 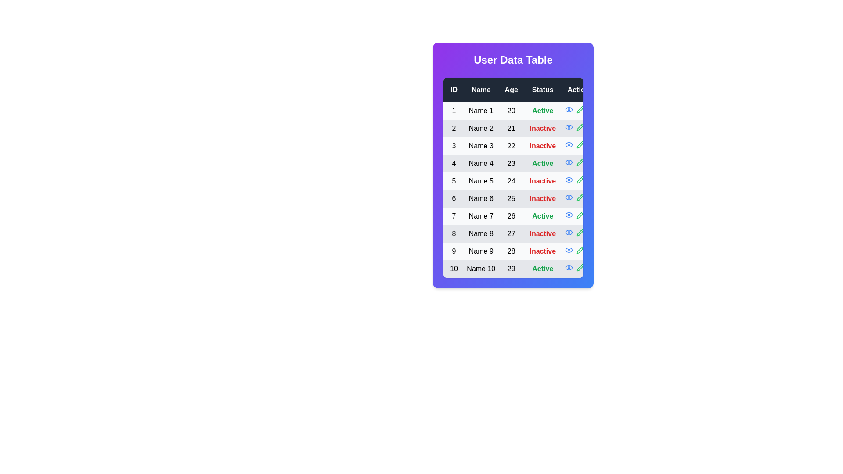 What do you see at coordinates (592, 109) in the screenshot?
I see `the trash icon in the Actions column for a specific row to observe its hover effect` at bounding box center [592, 109].